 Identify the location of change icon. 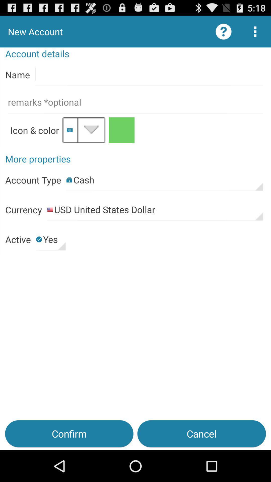
(84, 130).